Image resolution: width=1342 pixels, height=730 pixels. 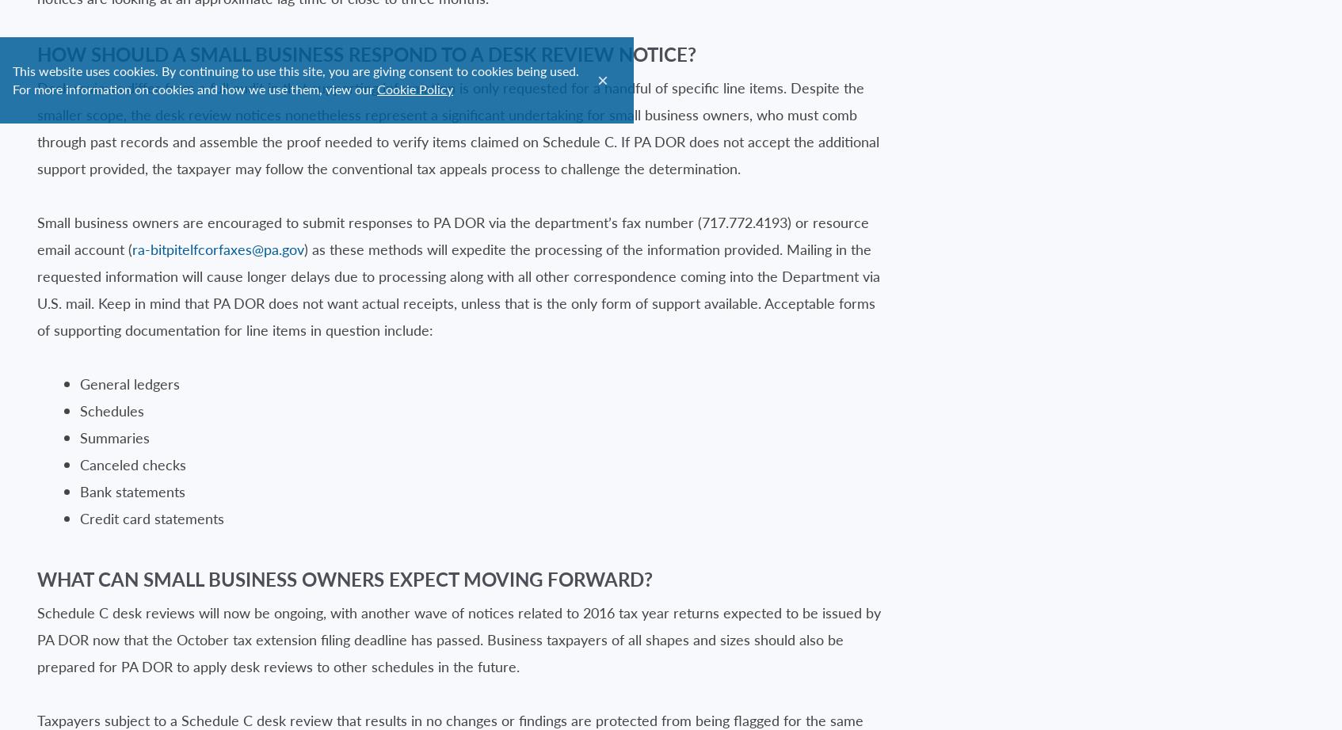 I want to click on ') as these methods will expedite the processing of the information provided. Mailing in the requested information will cause longer delays due to processing along with all other correspondence coming into the Department via U.S. mail. Keep in mind that PA DOR does not want actual receipts, unless that is the only form of support available. Acceptable forms of supporting documentation for line items in question include:', so click(x=459, y=287).